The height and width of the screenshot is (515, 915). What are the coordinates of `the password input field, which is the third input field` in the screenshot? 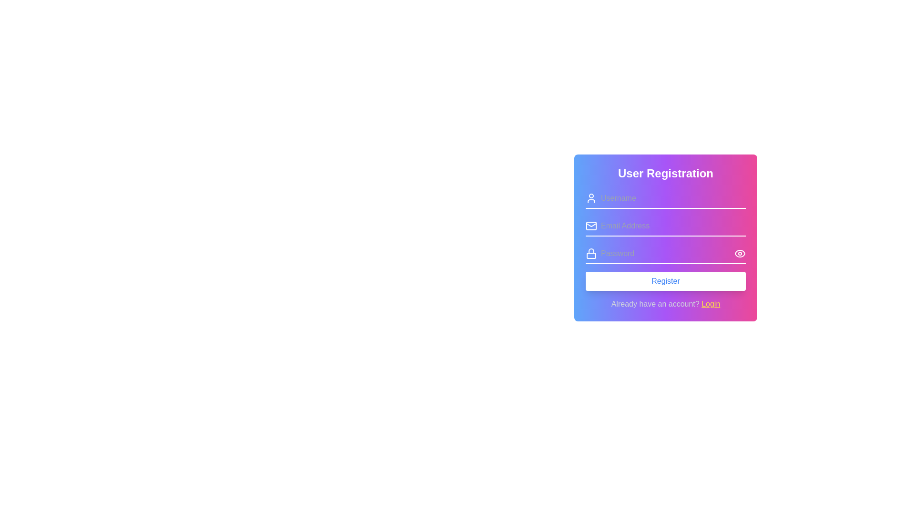 It's located at (665, 253).